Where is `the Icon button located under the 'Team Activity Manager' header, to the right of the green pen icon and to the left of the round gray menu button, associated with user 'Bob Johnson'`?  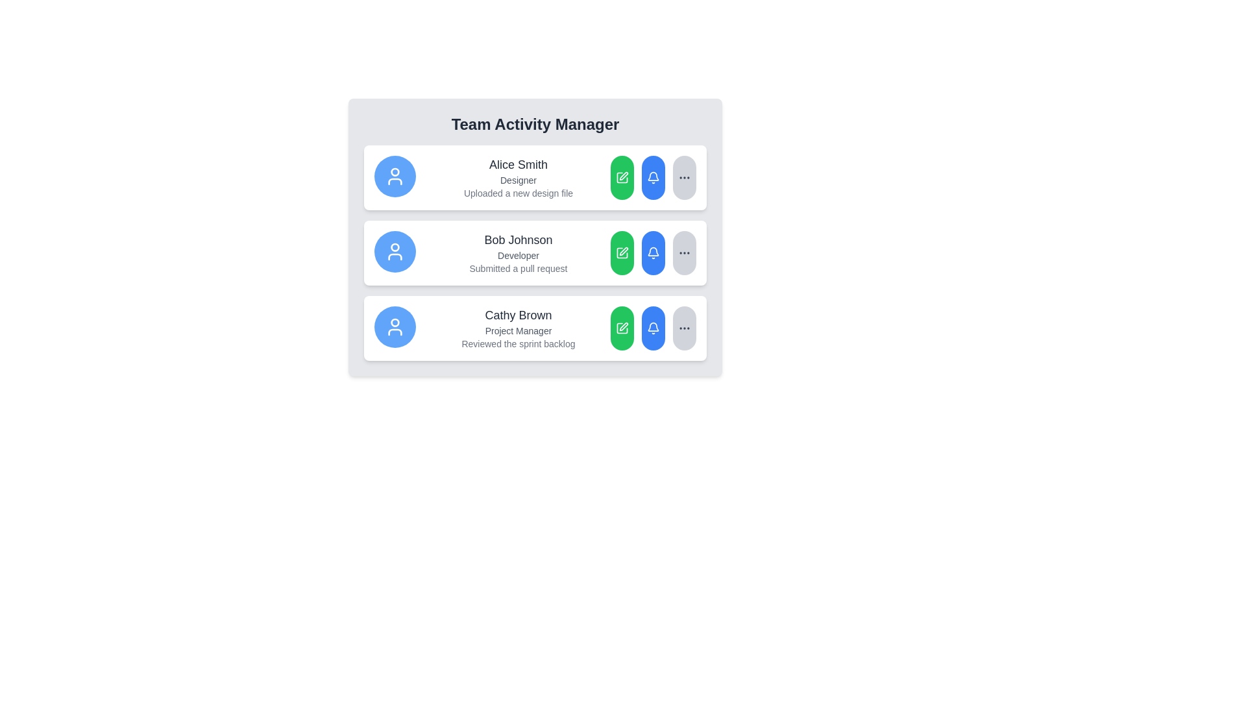
the Icon button located under the 'Team Activity Manager' header, to the right of the green pen icon and to the left of the round gray menu button, associated with user 'Bob Johnson' is located at coordinates (654, 177).